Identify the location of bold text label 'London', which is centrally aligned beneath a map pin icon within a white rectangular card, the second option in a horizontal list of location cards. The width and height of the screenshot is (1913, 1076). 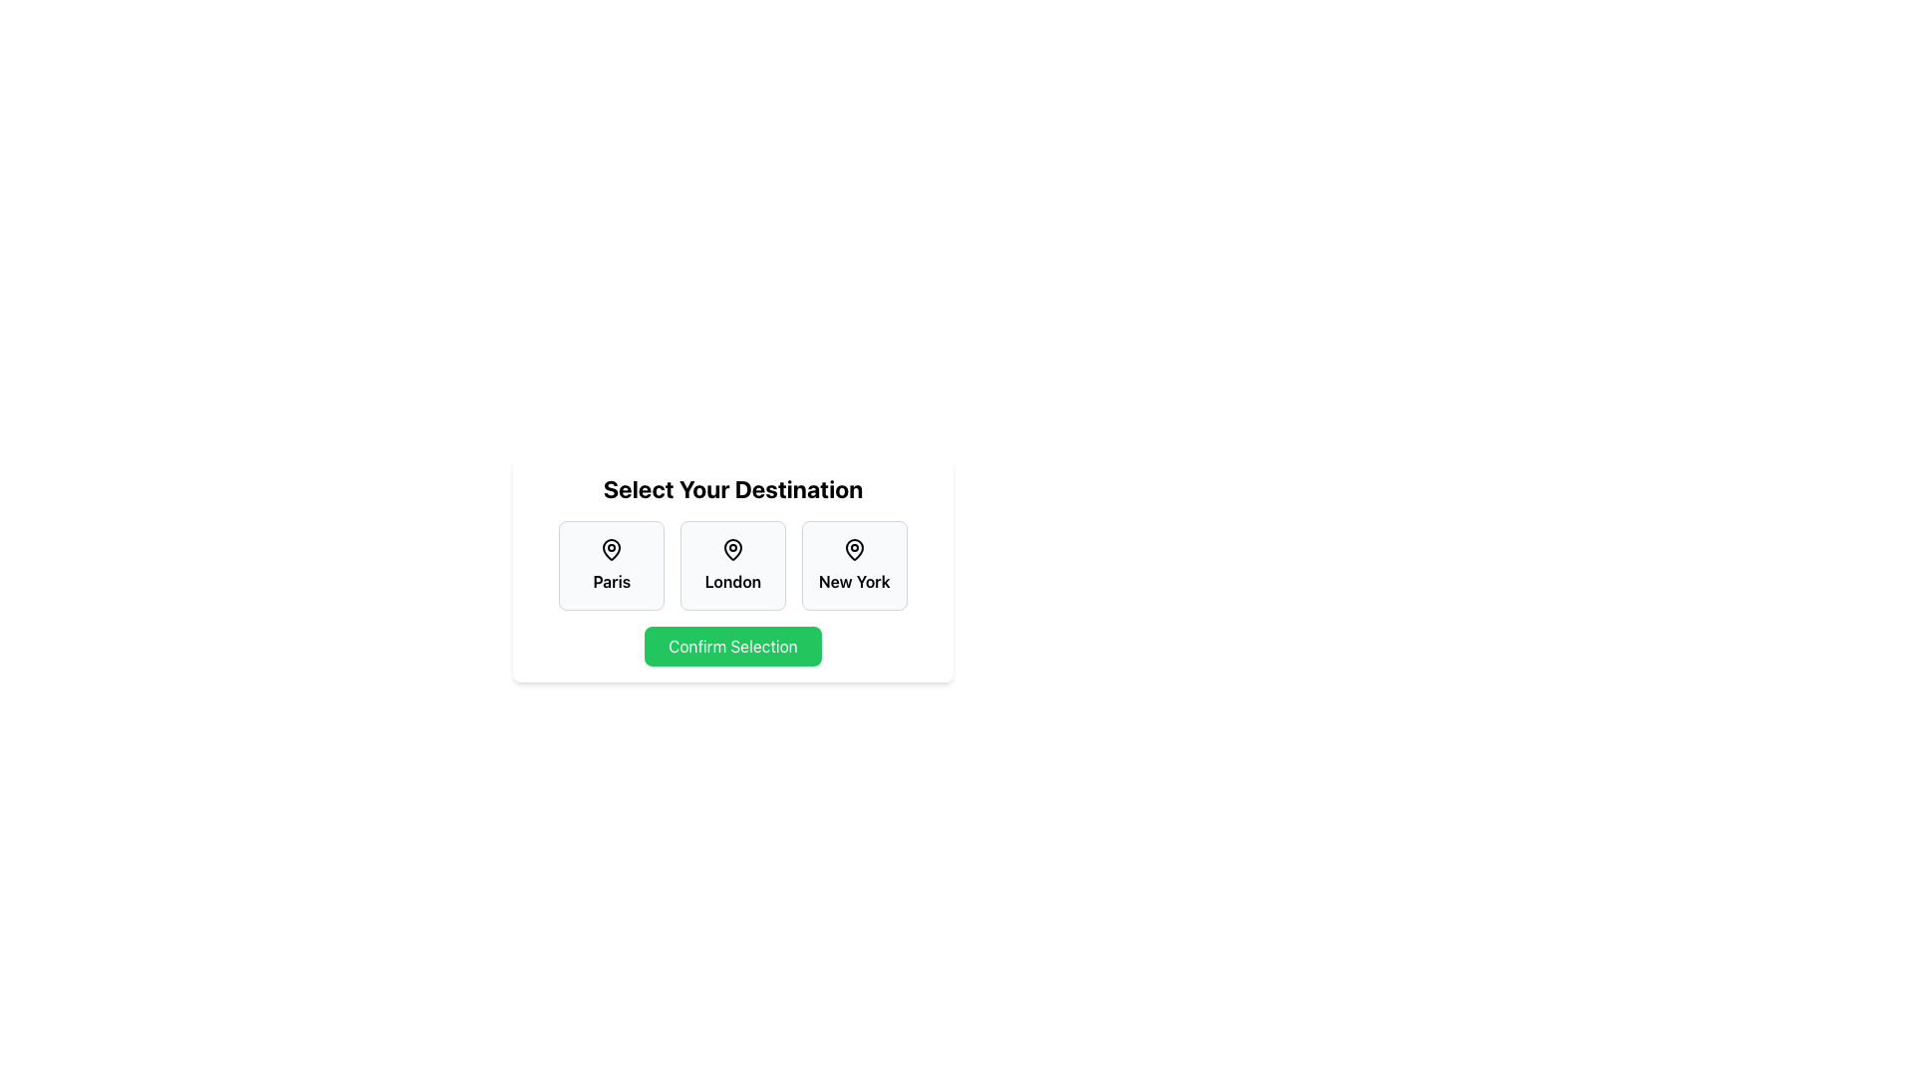
(731, 581).